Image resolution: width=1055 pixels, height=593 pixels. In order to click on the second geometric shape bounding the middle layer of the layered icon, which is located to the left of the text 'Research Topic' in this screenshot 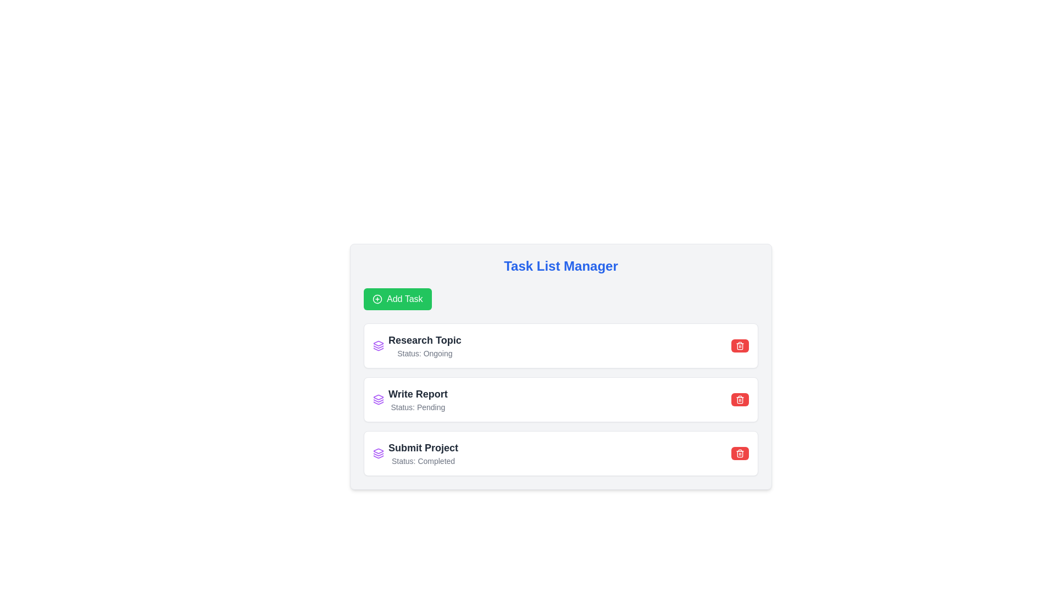, I will do `click(379, 401)`.